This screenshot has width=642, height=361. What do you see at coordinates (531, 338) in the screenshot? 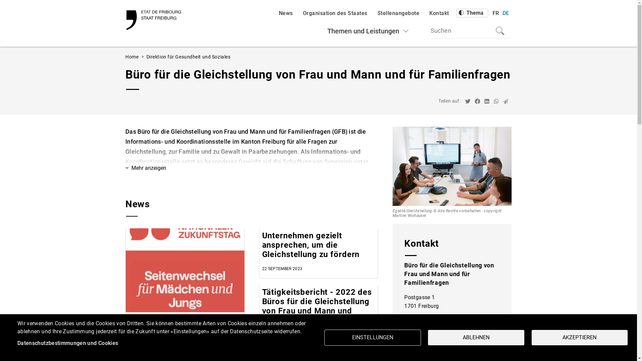
I see `'AKZEPTIEREN'` at bounding box center [531, 338].